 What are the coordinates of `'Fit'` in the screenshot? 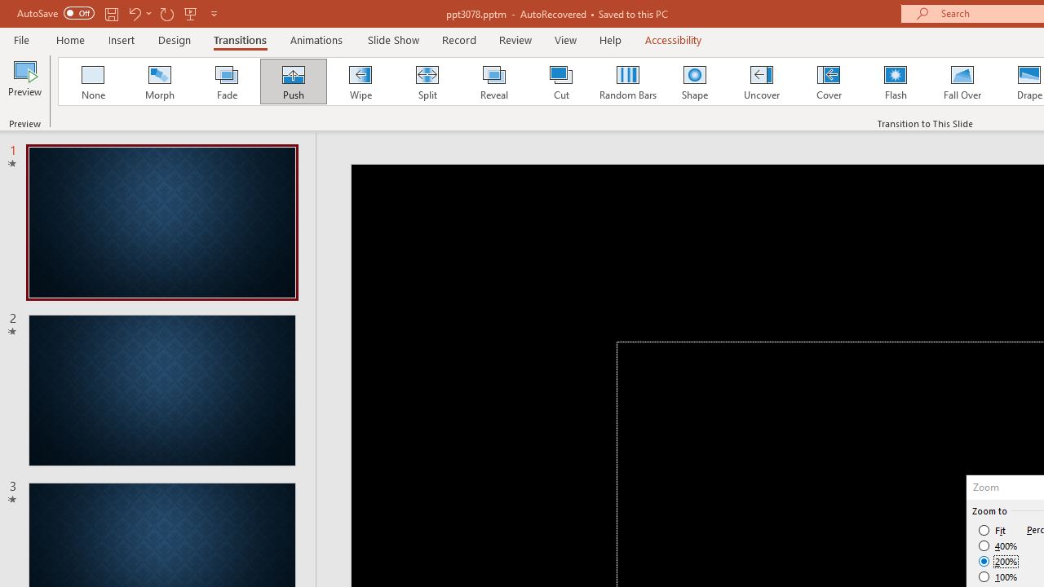 It's located at (992, 530).